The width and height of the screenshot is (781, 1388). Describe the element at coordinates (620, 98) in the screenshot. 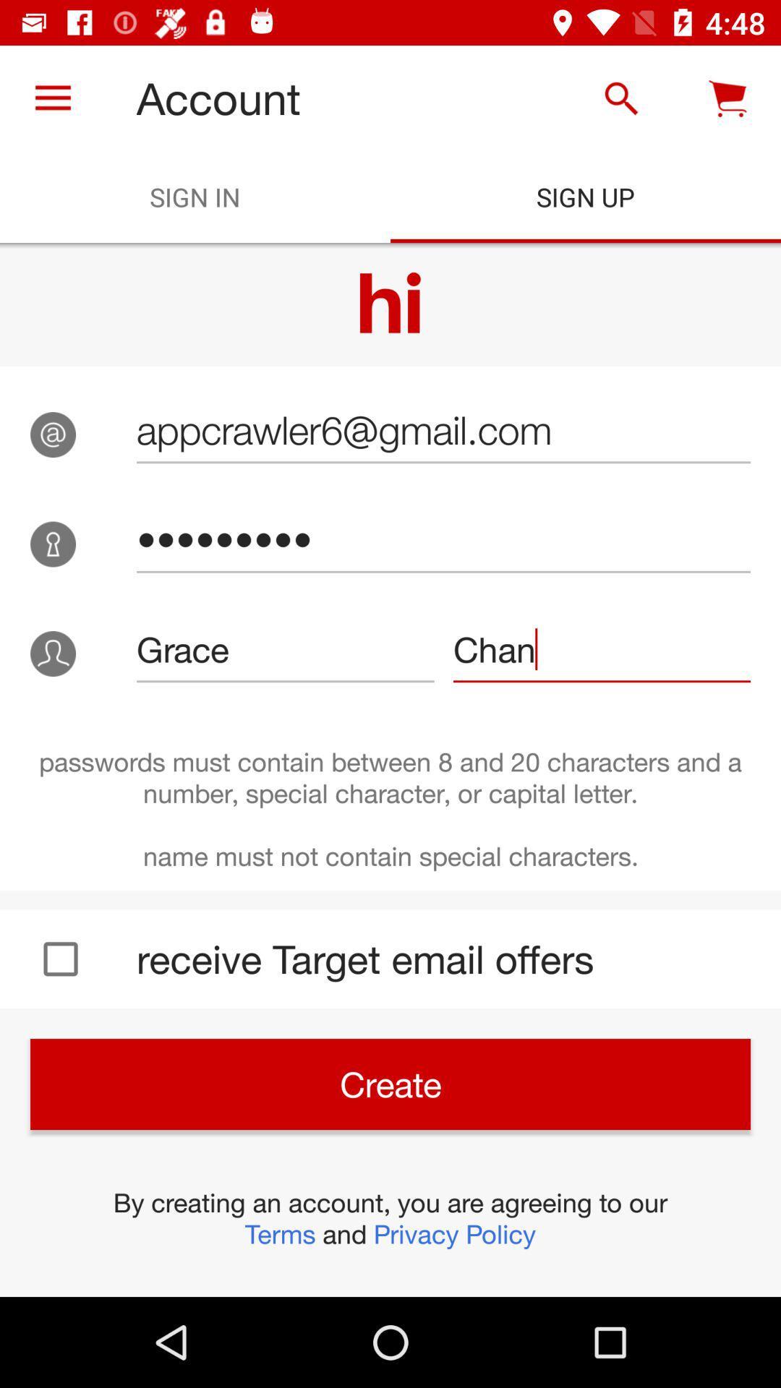

I see `the icon above the sign up` at that location.